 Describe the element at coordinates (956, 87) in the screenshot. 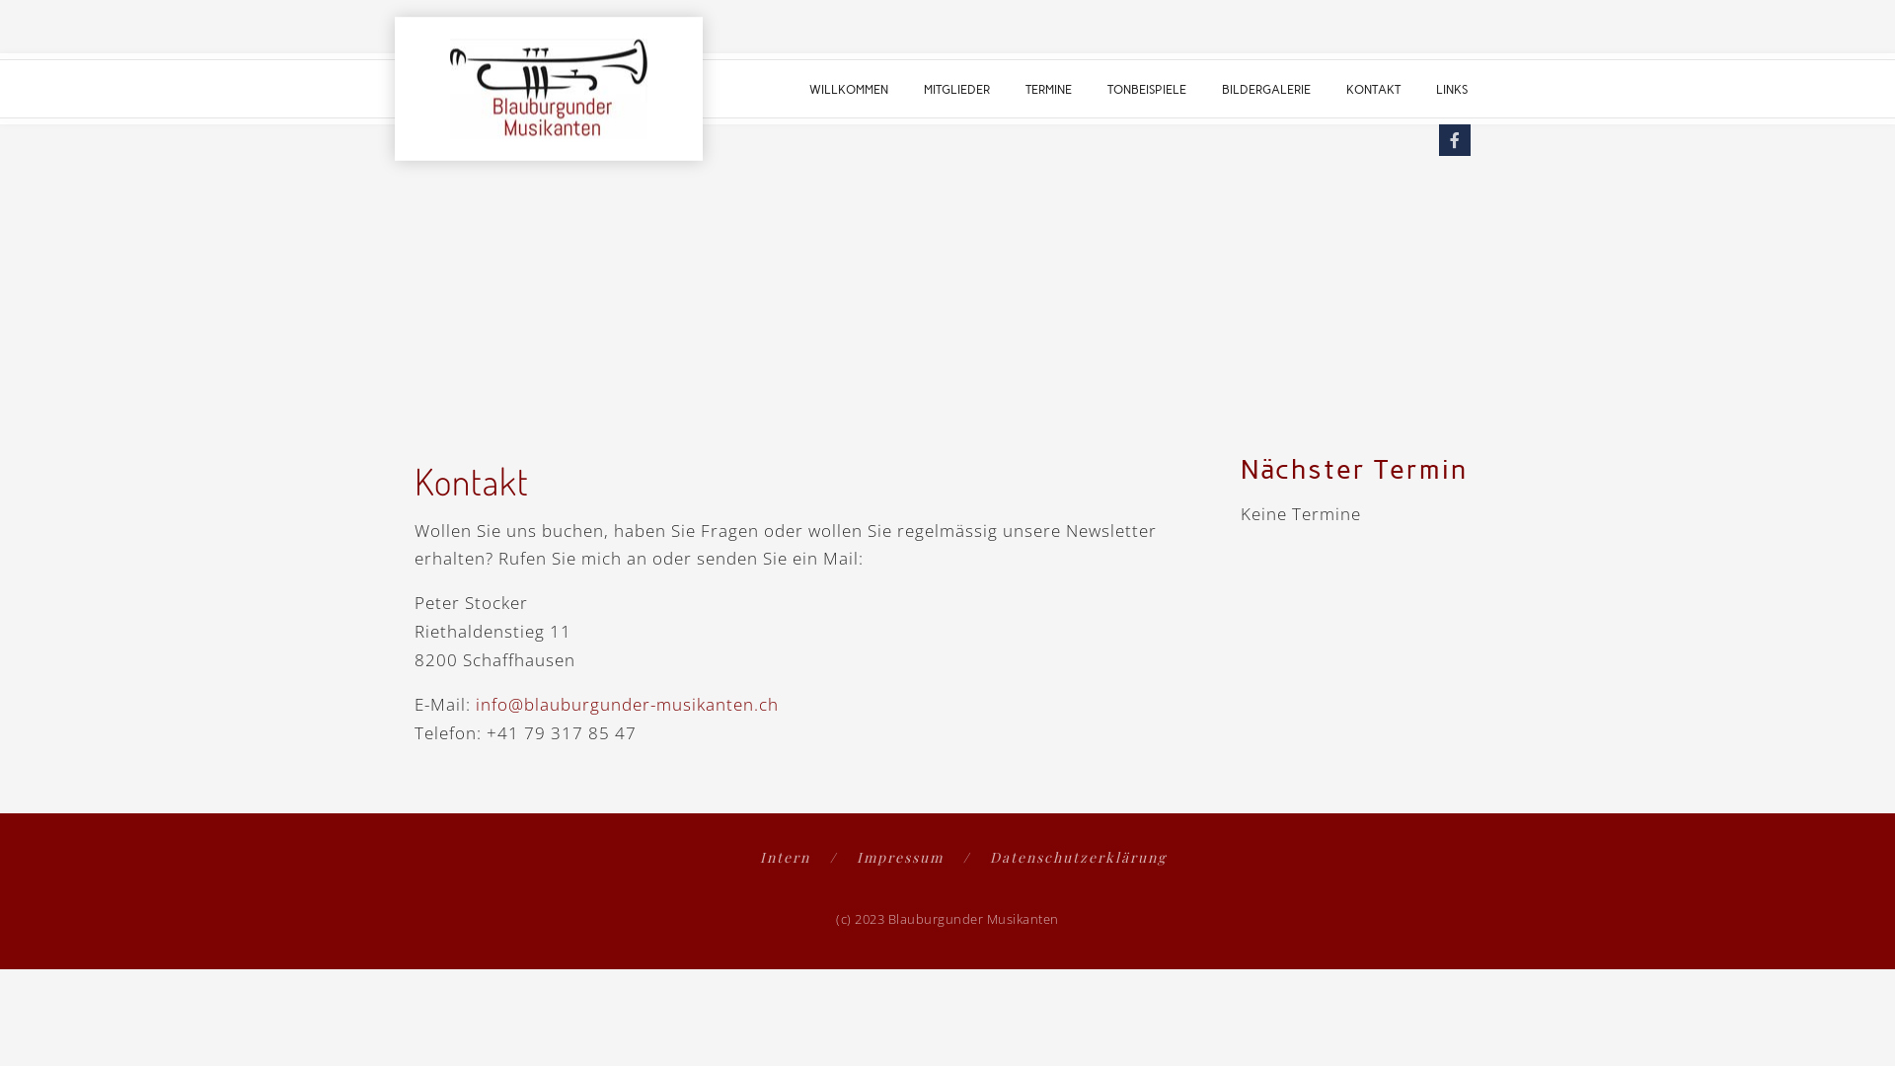

I see `'MITGLIEDER'` at that location.